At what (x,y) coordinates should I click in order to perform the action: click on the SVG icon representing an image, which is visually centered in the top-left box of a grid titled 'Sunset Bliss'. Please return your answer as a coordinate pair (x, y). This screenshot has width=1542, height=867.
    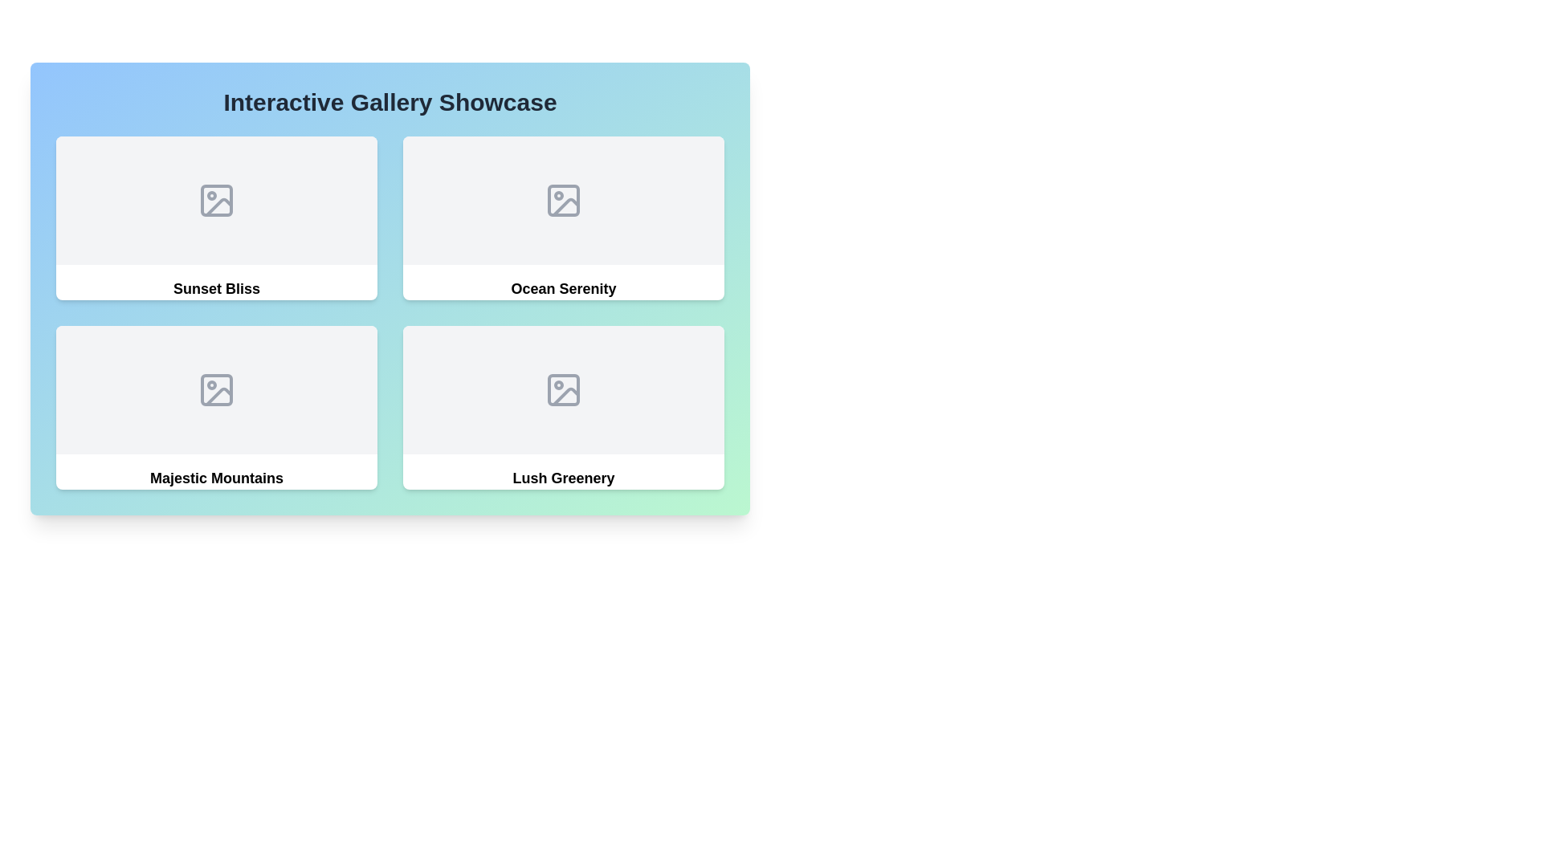
    Looking at the image, I should click on (215, 200).